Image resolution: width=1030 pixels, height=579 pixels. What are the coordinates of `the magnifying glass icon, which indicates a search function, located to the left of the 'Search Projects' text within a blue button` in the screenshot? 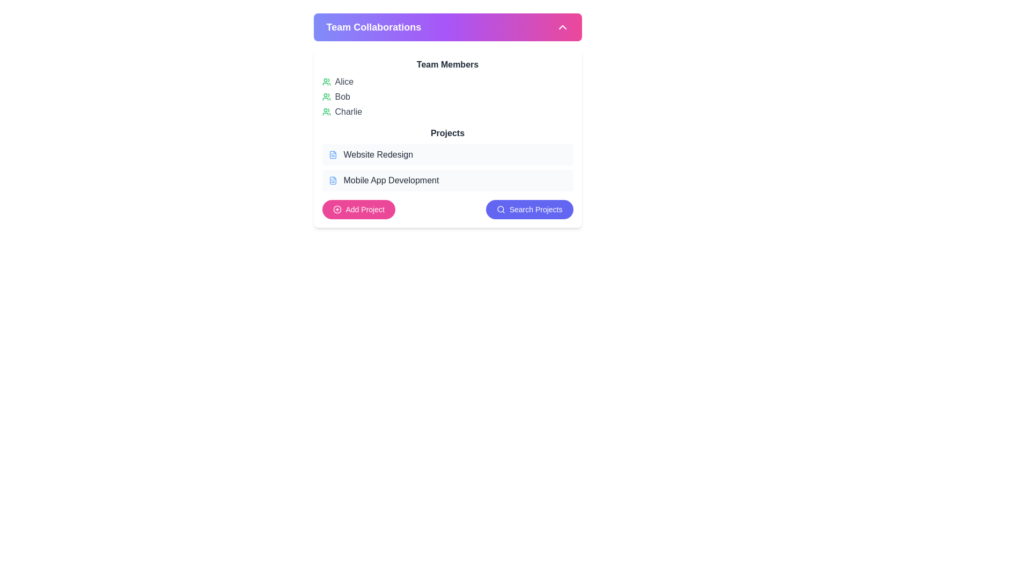 It's located at (500, 209).